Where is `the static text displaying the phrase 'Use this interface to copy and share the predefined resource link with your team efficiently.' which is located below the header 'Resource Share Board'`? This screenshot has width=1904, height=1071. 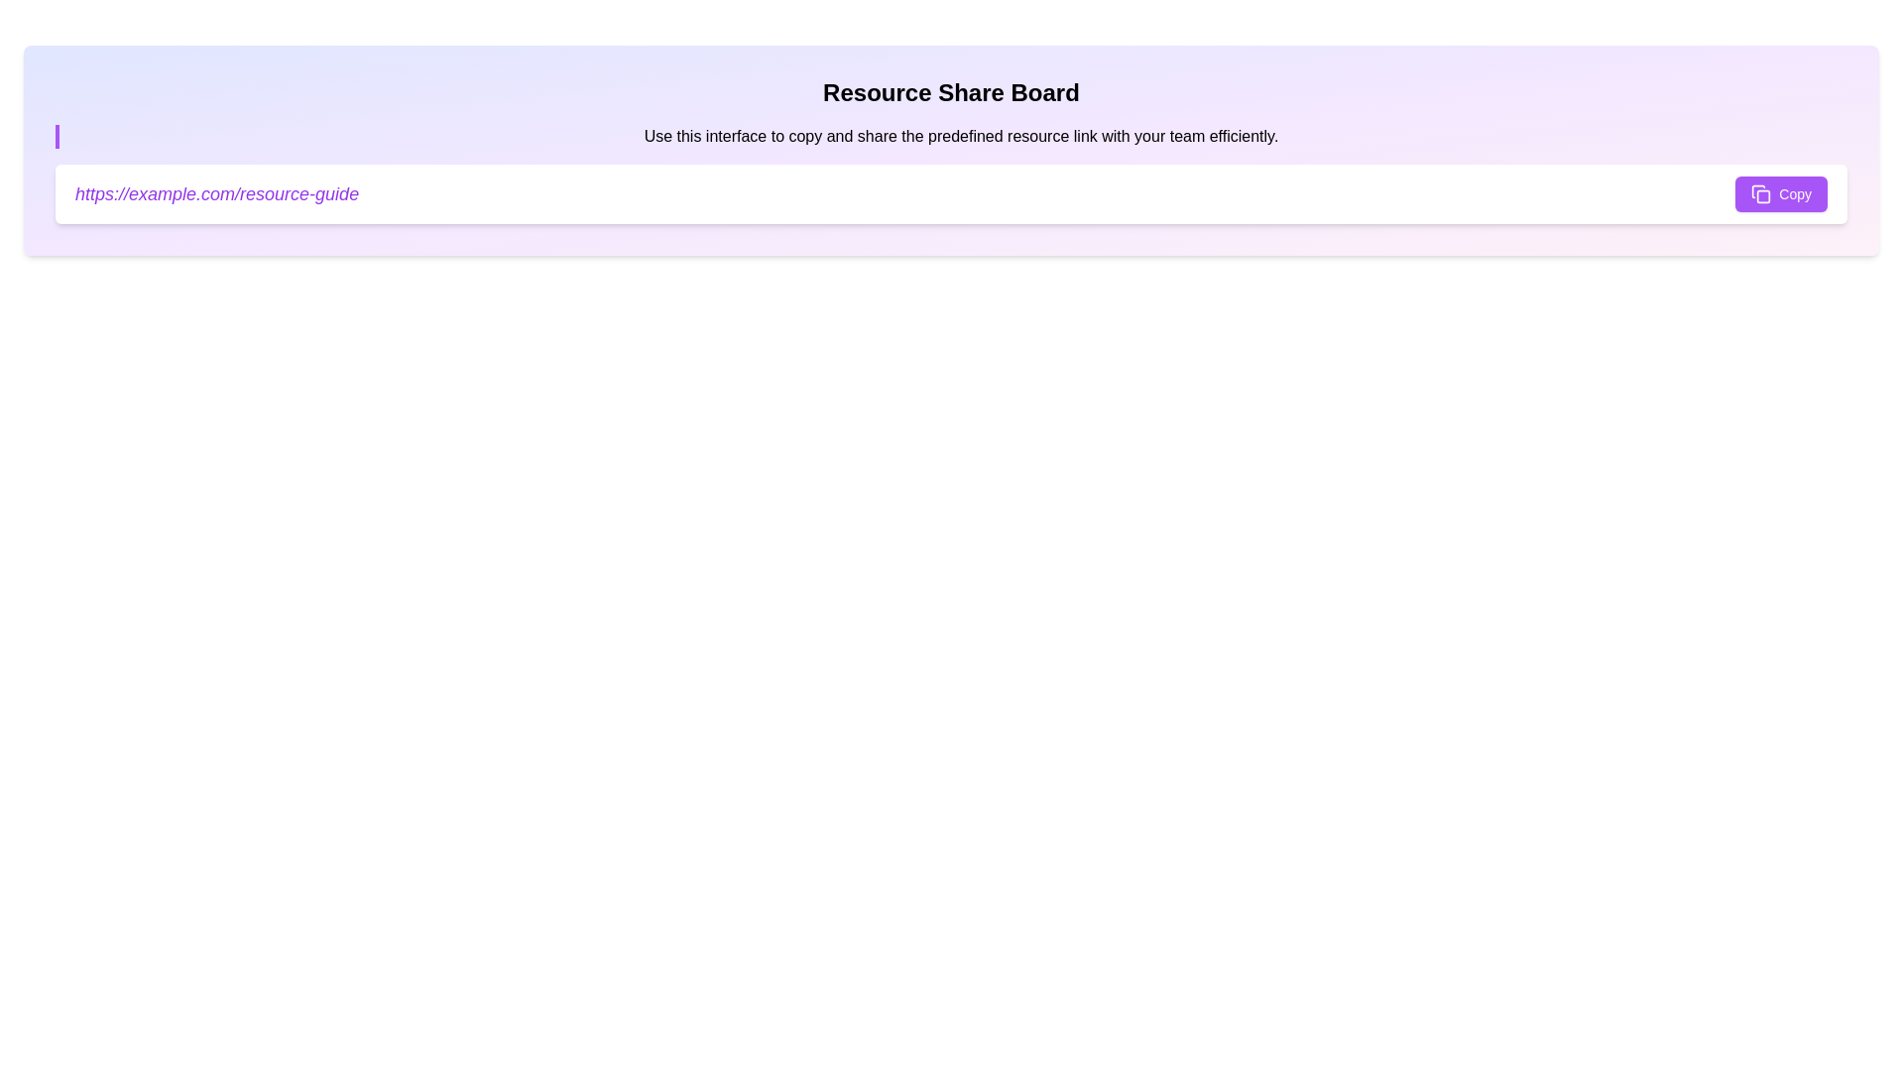
the static text displaying the phrase 'Use this interface to copy and share the predefined resource link with your team efficiently.' which is located below the header 'Resource Share Board' is located at coordinates (961, 136).